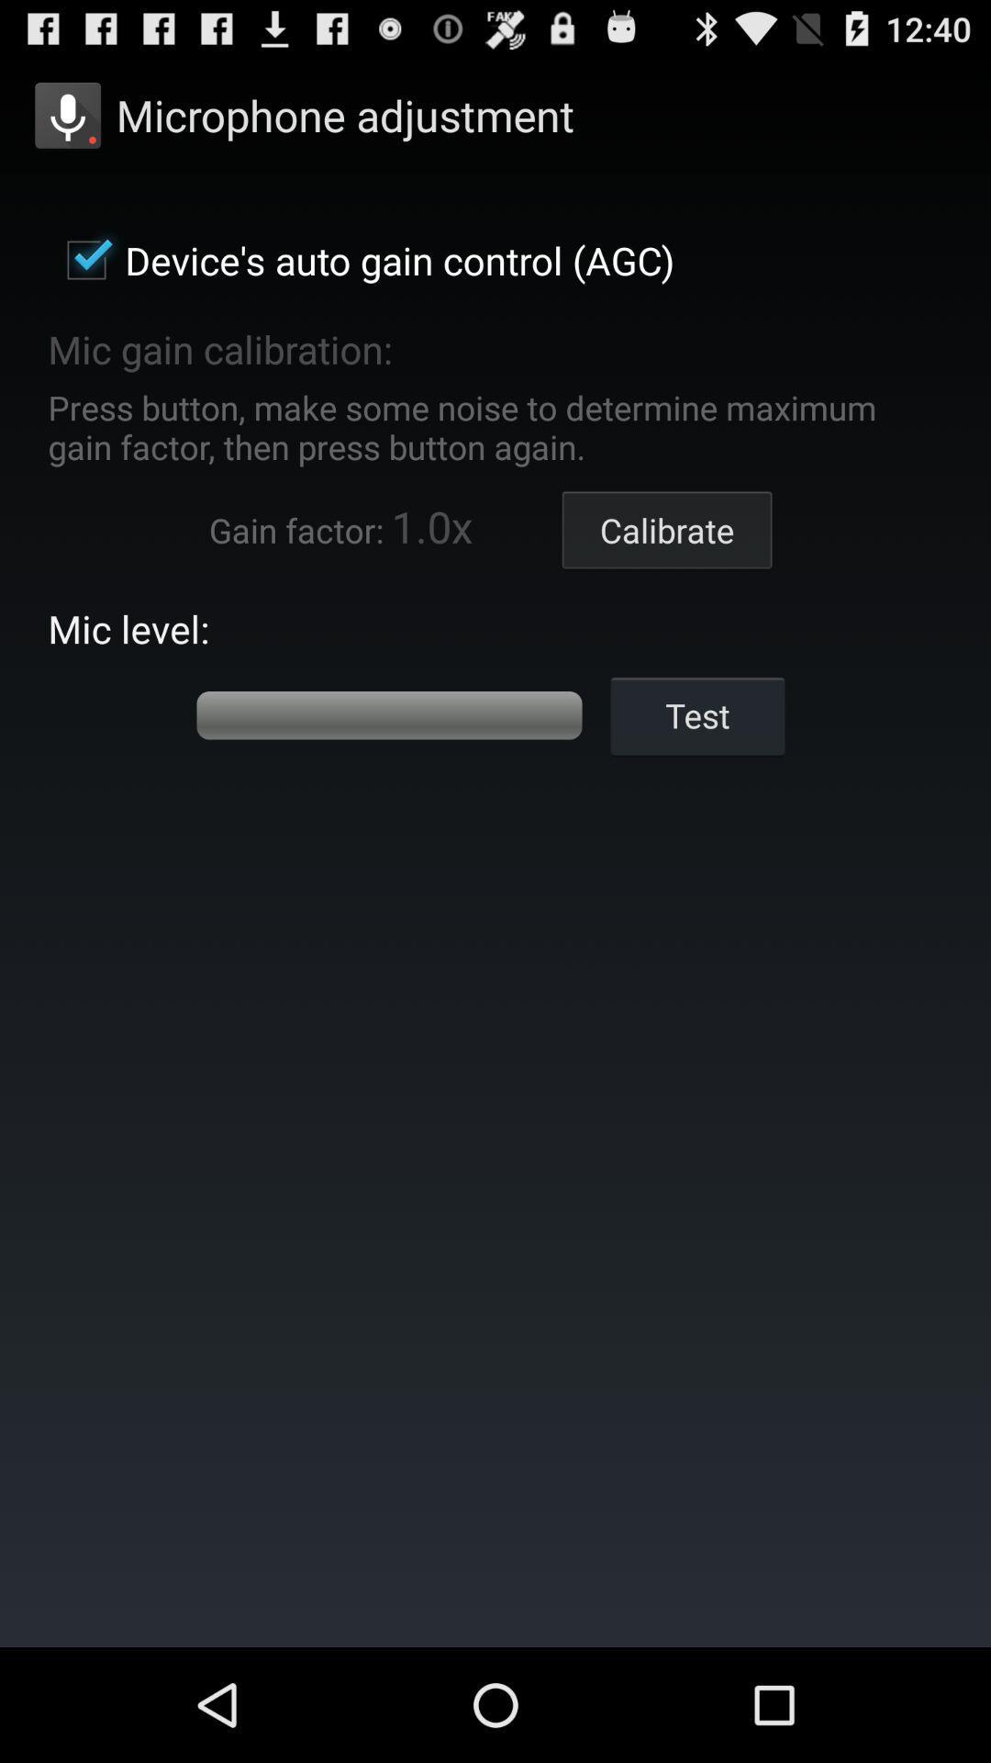 This screenshot has height=1763, width=991. What do you see at coordinates (697, 714) in the screenshot?
I see `the test button` at bounding box center [697, 714].